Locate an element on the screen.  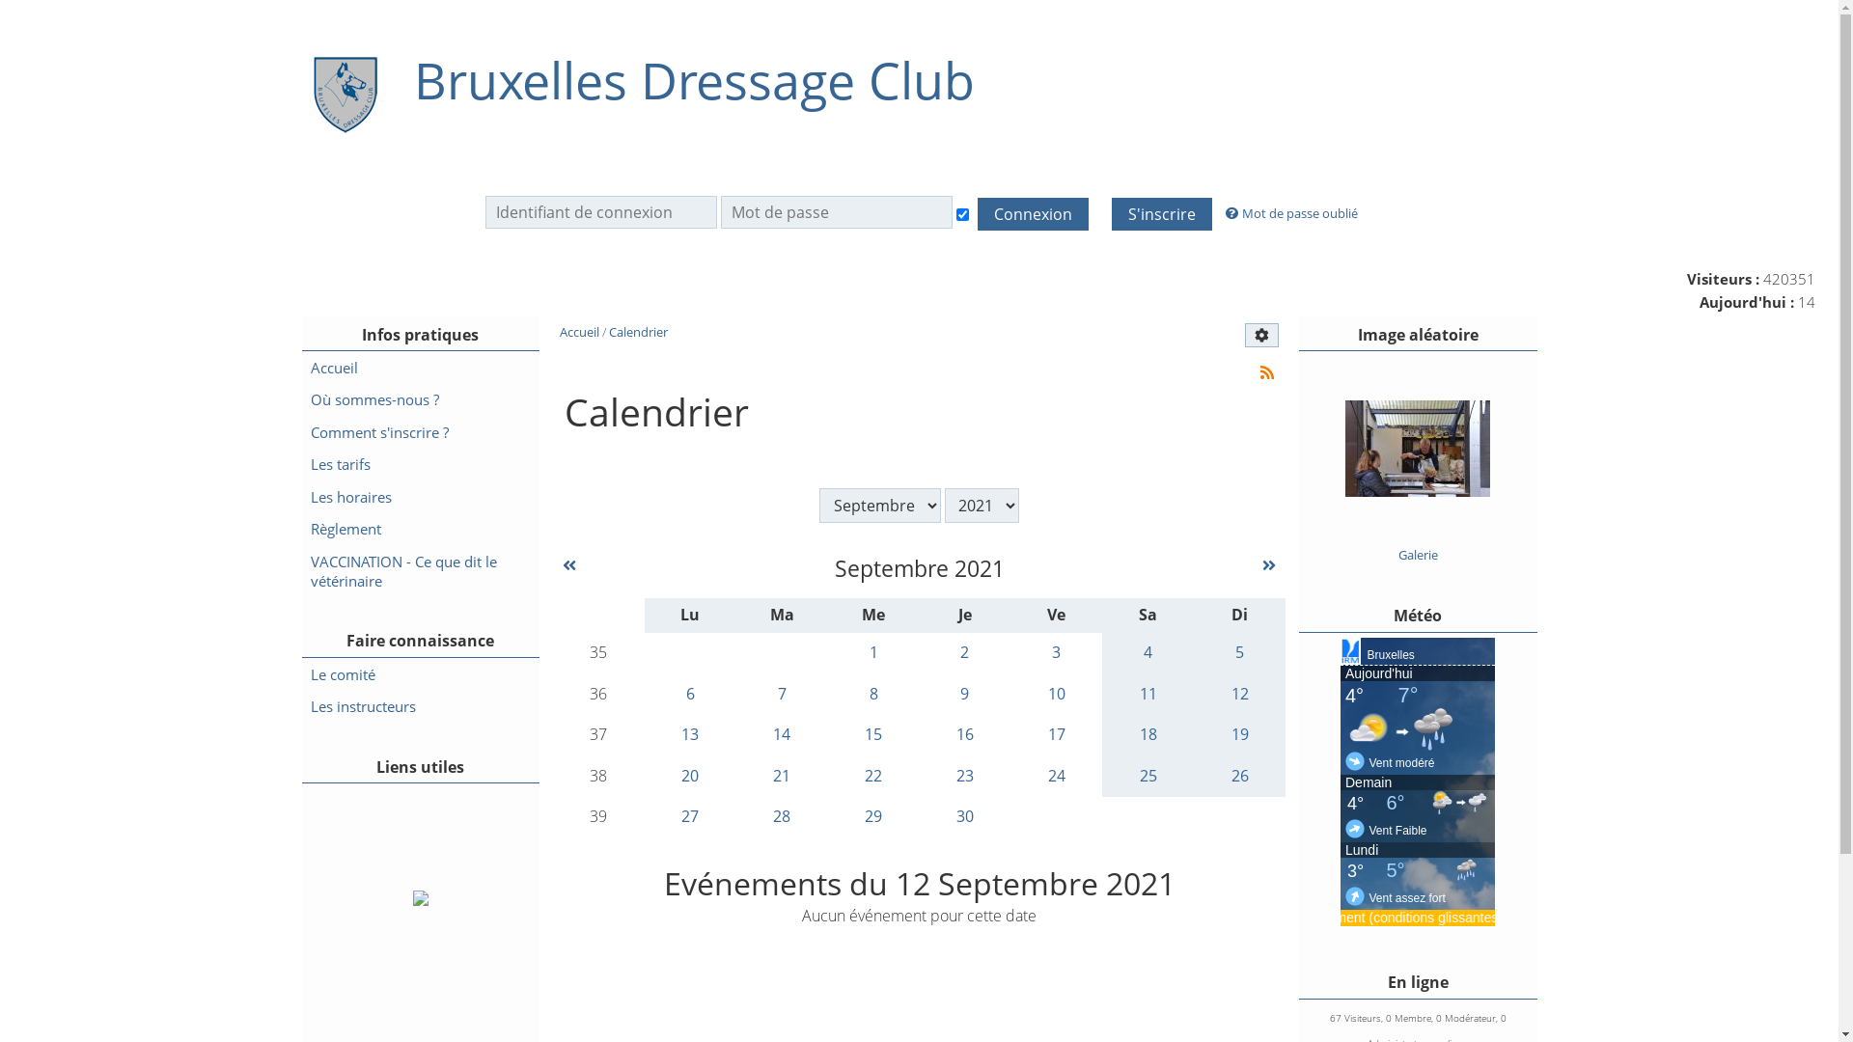
'4' is located at coordinates (1148, 652).